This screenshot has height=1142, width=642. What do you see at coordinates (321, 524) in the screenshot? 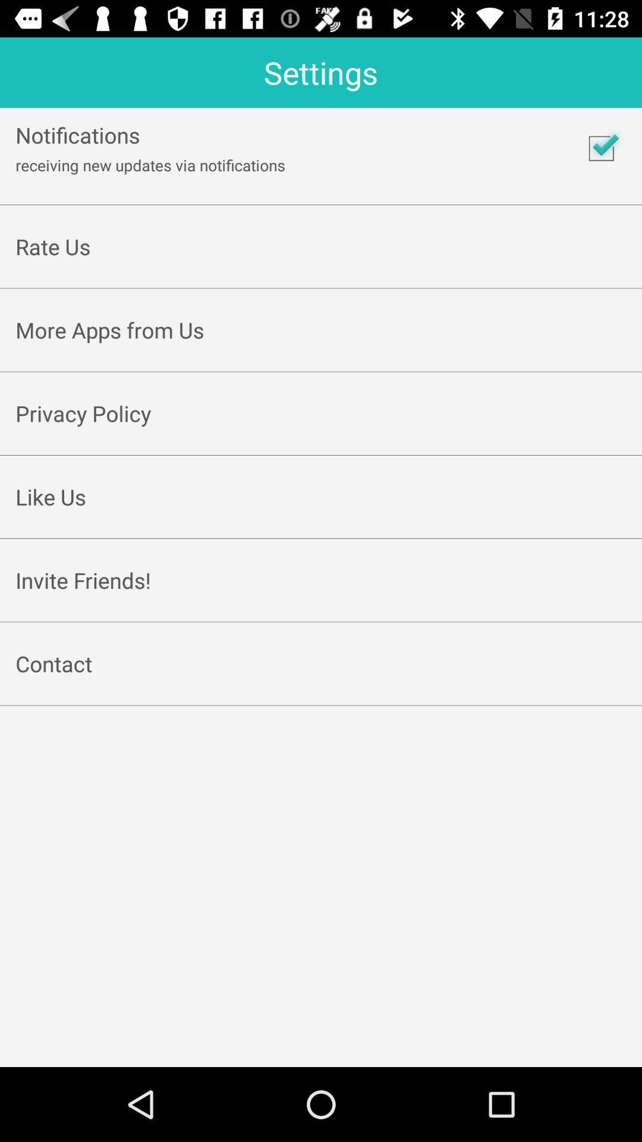
I see `item below the like us icon` at bounding box center [321, 524].